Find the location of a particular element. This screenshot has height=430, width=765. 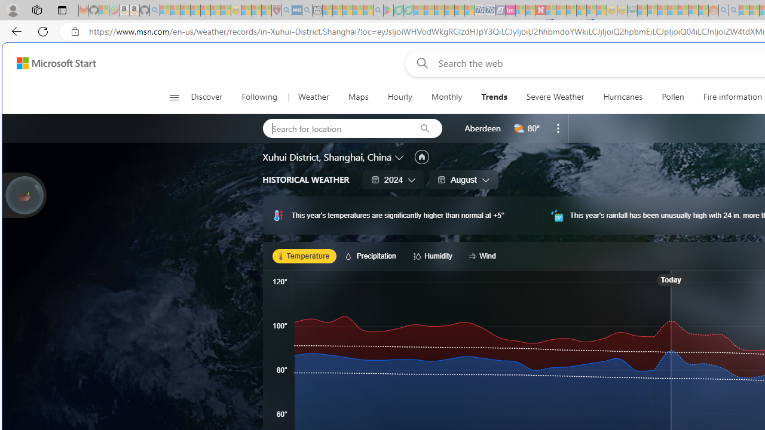

'Pollen' is located at coordinates (673, 97).